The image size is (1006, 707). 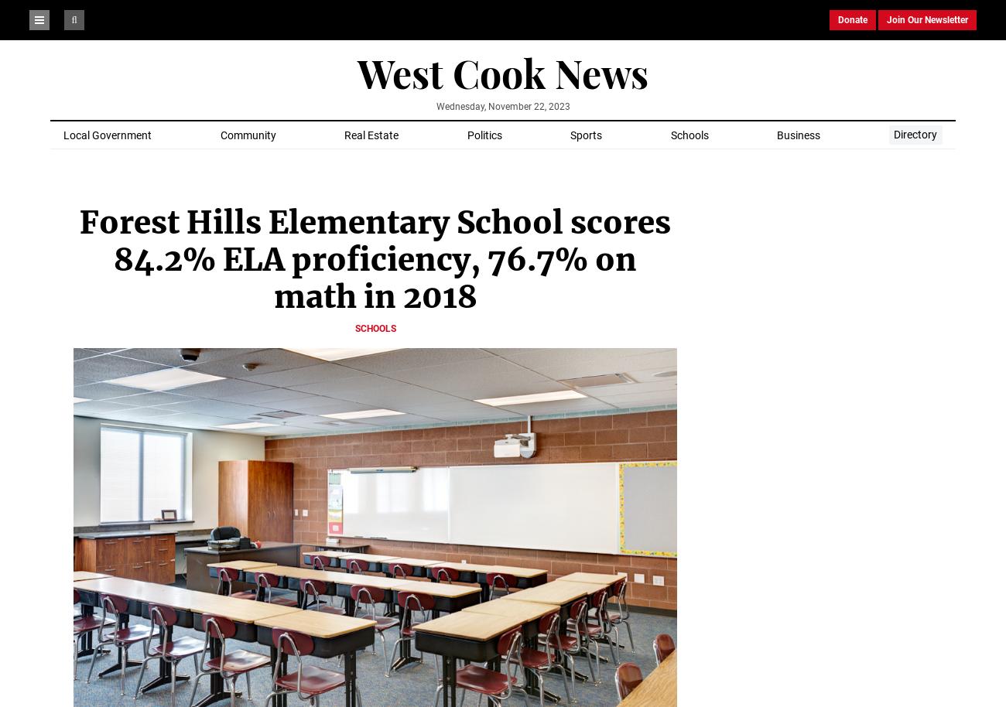 I want to click on 'Local Government', so click(x=106, y=134).